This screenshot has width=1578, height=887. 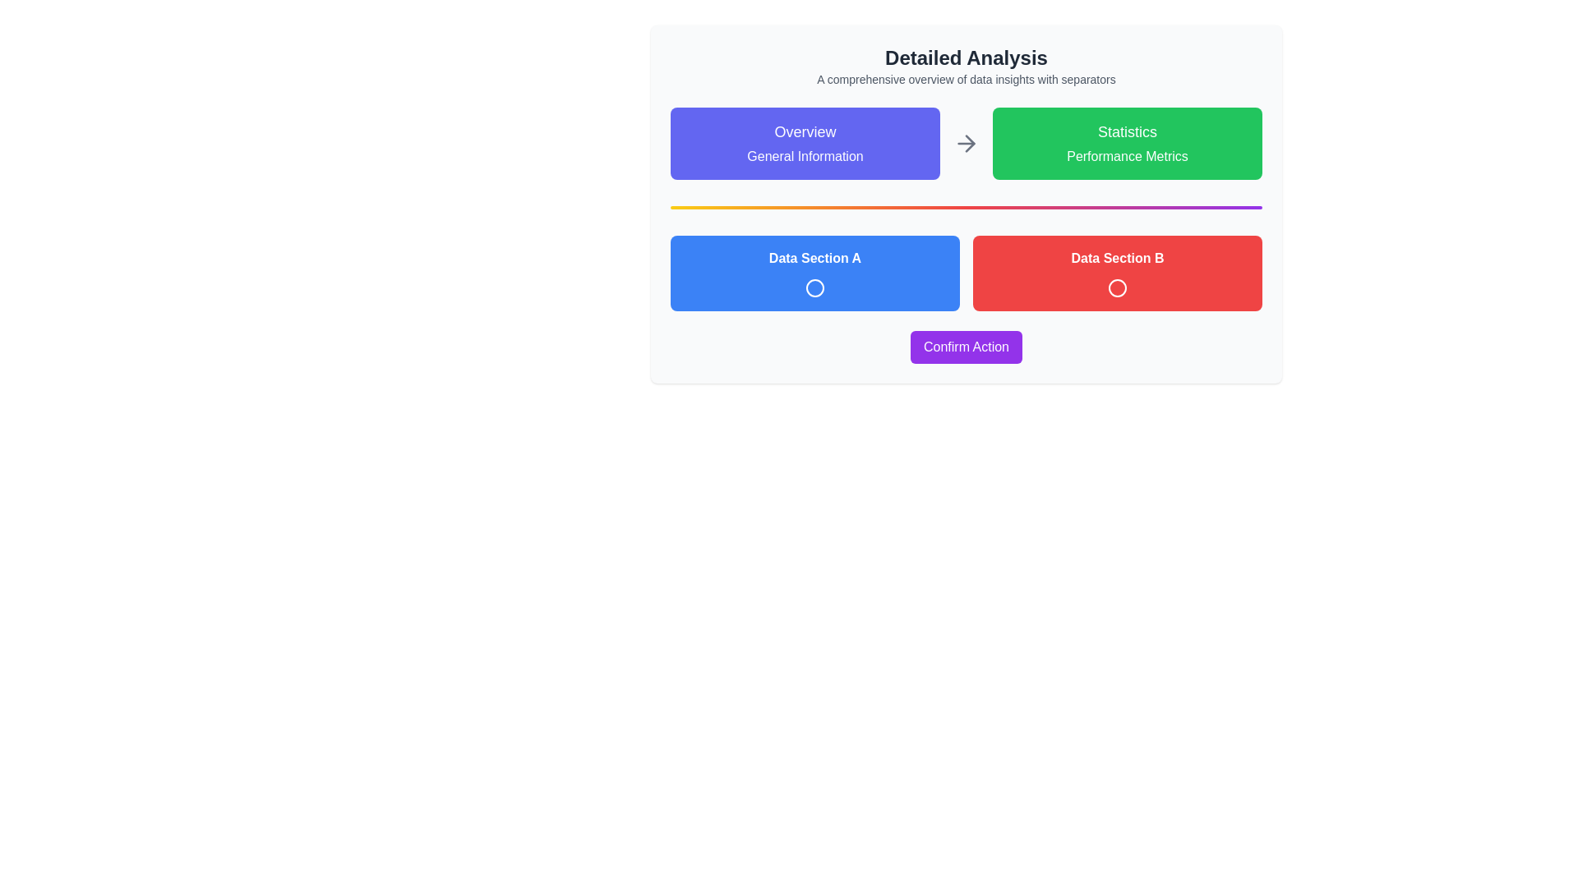 I want to click on the icon that visually associates with 'Data Section B', located at the center of the button labeled 'Data Section B' in the bottom-right of the grouped buttons section, so click(x=1117, y=287).